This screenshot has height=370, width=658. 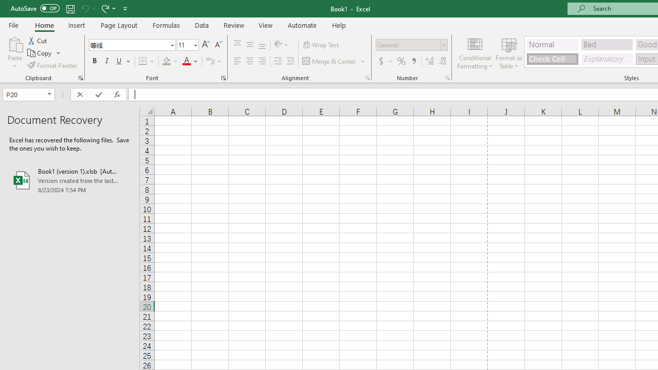 I want to click on 'Font', so click(x=128, y=44).